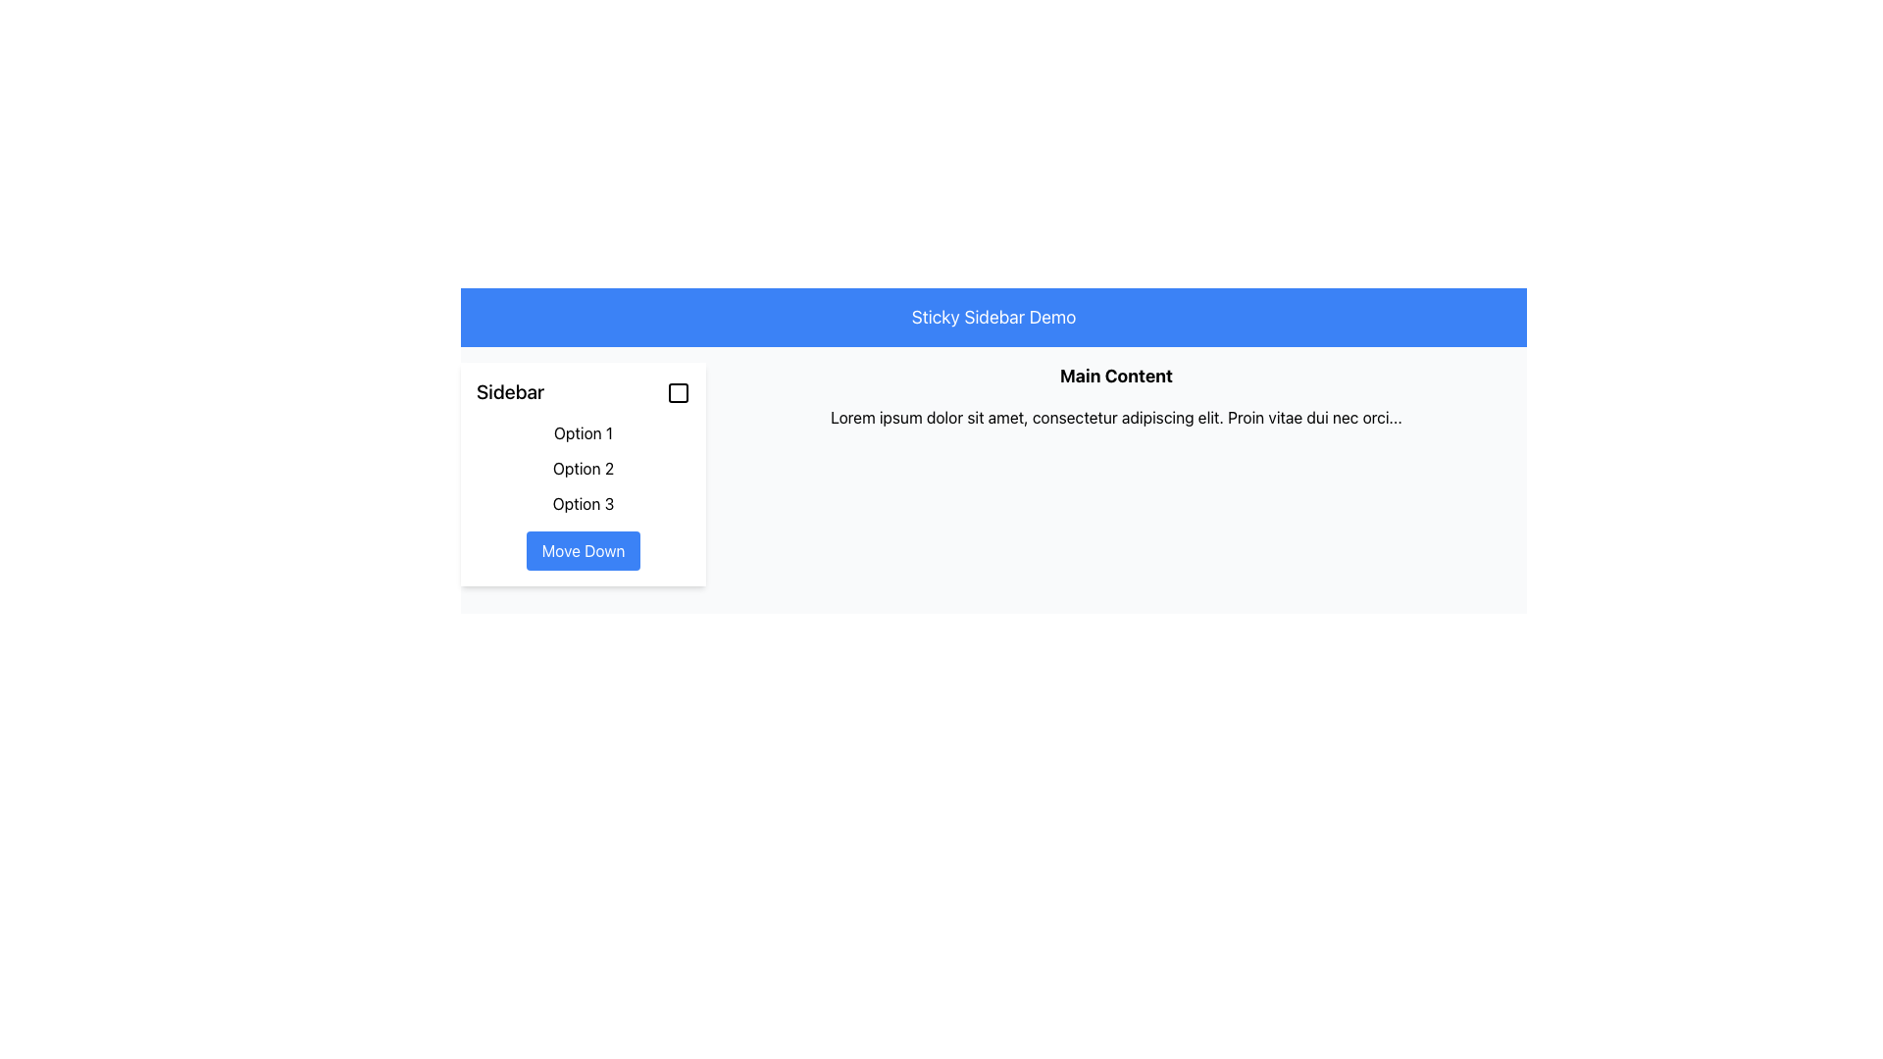 The height and width of the screenshot is (1059, 1883). I want to click on the first option labeled 'Option 1' in the sidebar navigation, so click(583, 432).